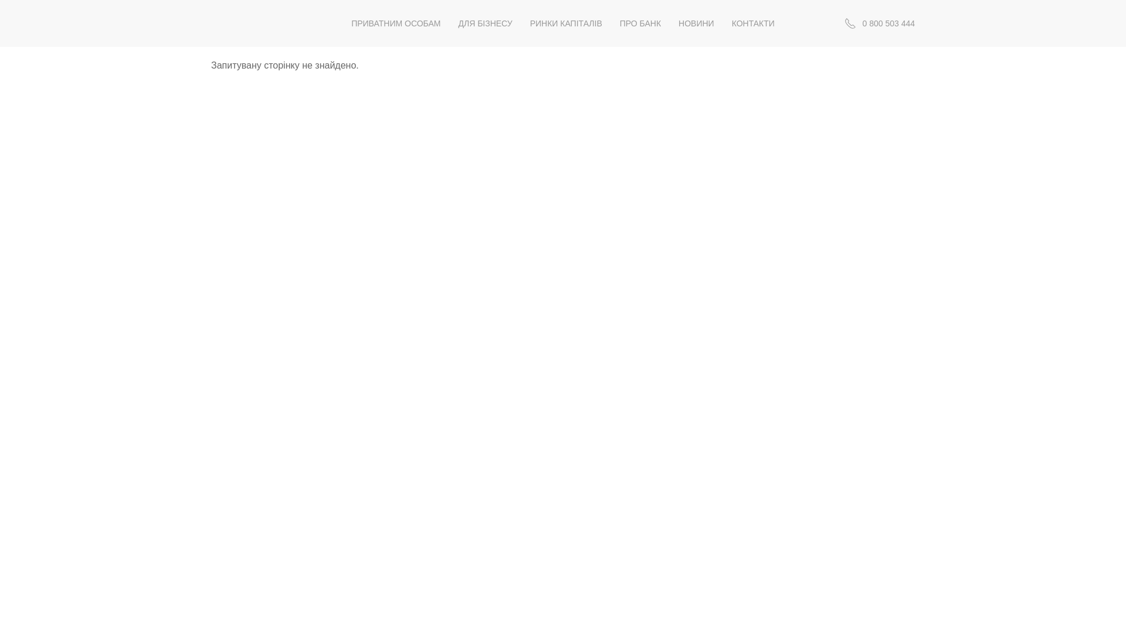 This screenshot has height=633, width=1126. What do you see at coordinates (879, 23) in the screenshot?
I see `'  0 800 503 444'` at bounding box center [879, 23].